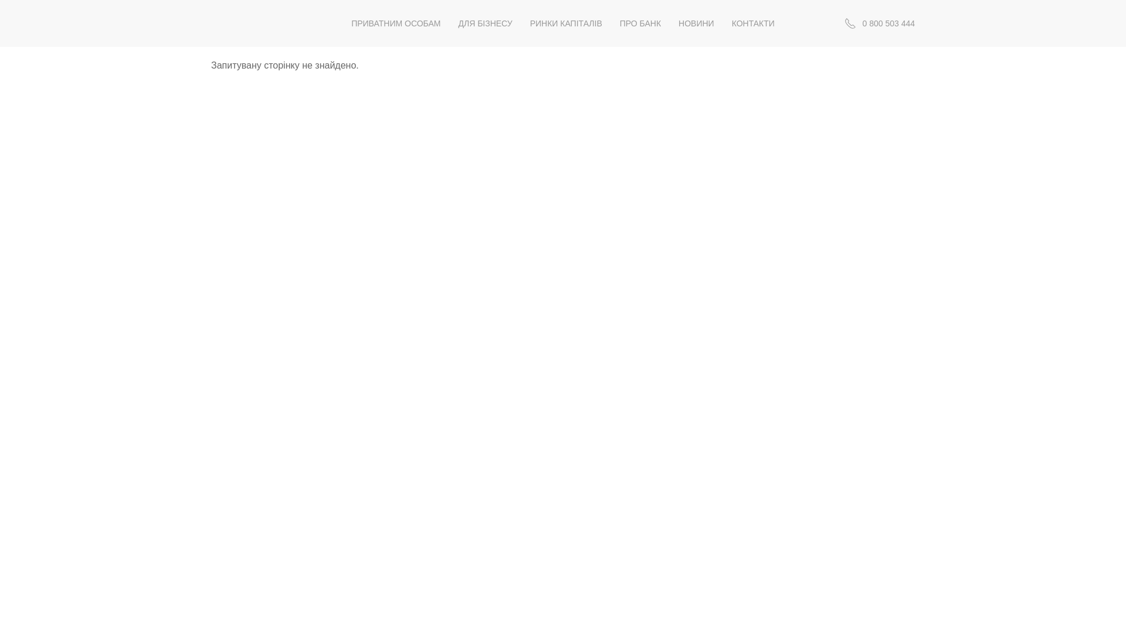 This screenshot has height=633, width=1126. What do you see at coordinates (879, 23) in the screenshot?
I see `'  0 800 503 444'` at bounding box center [879, 23].